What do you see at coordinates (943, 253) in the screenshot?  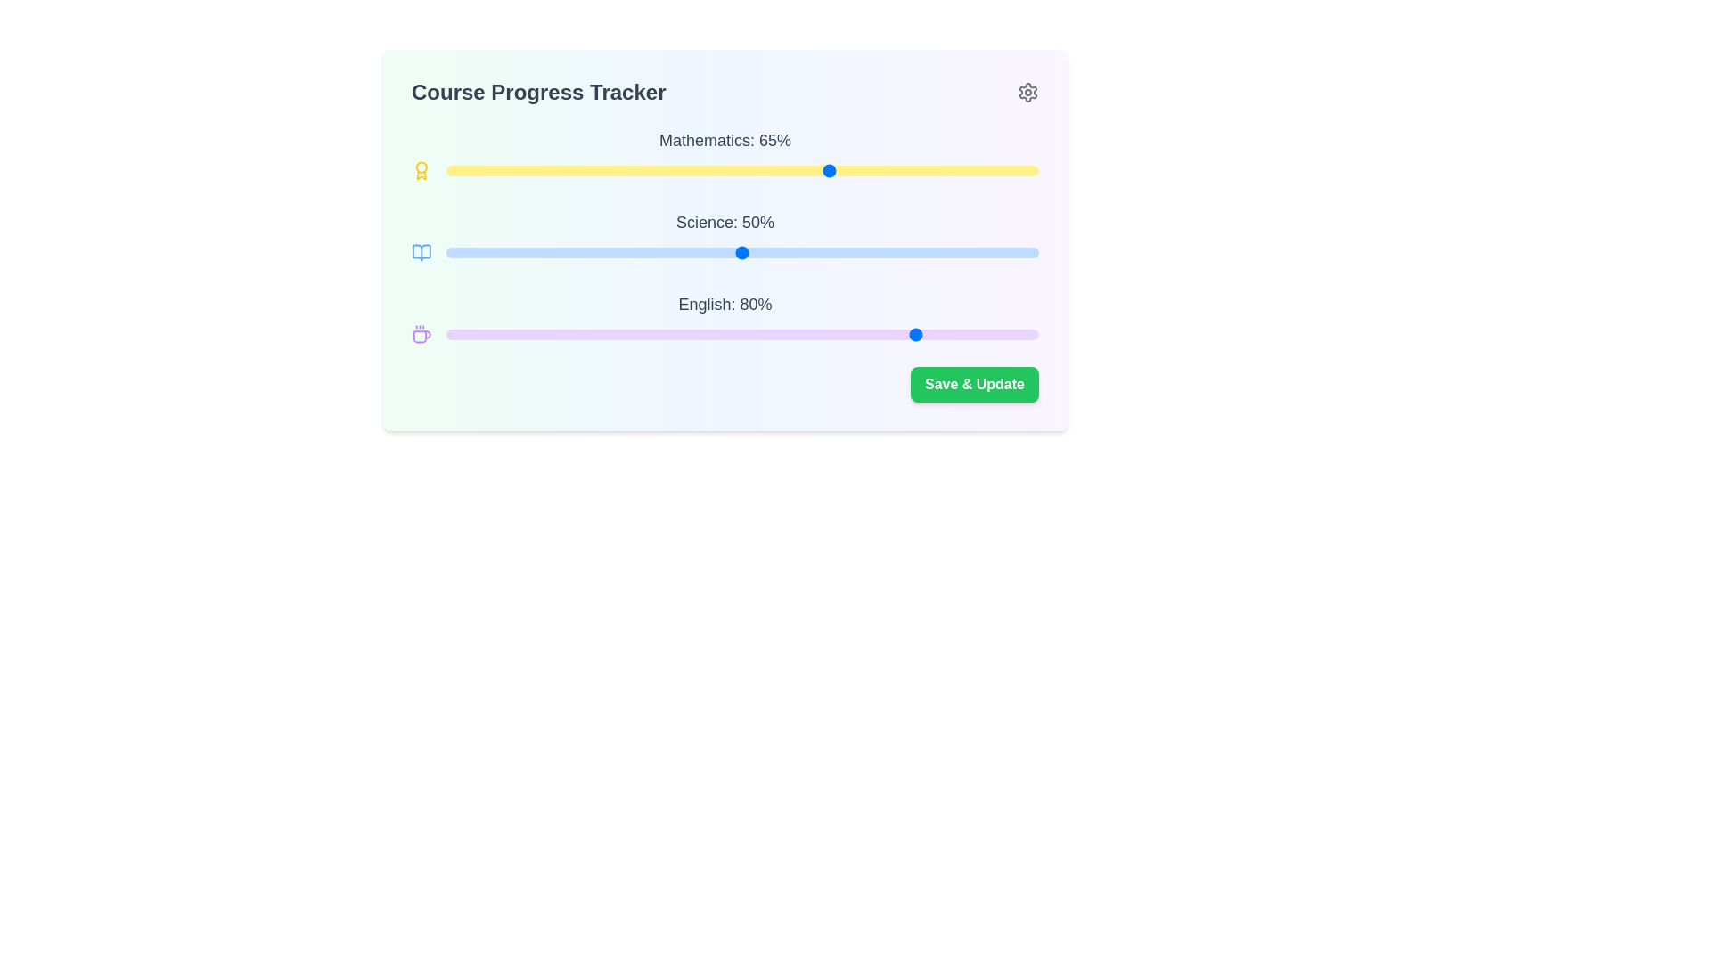 I see `progress` at bounding box center [943, 253].